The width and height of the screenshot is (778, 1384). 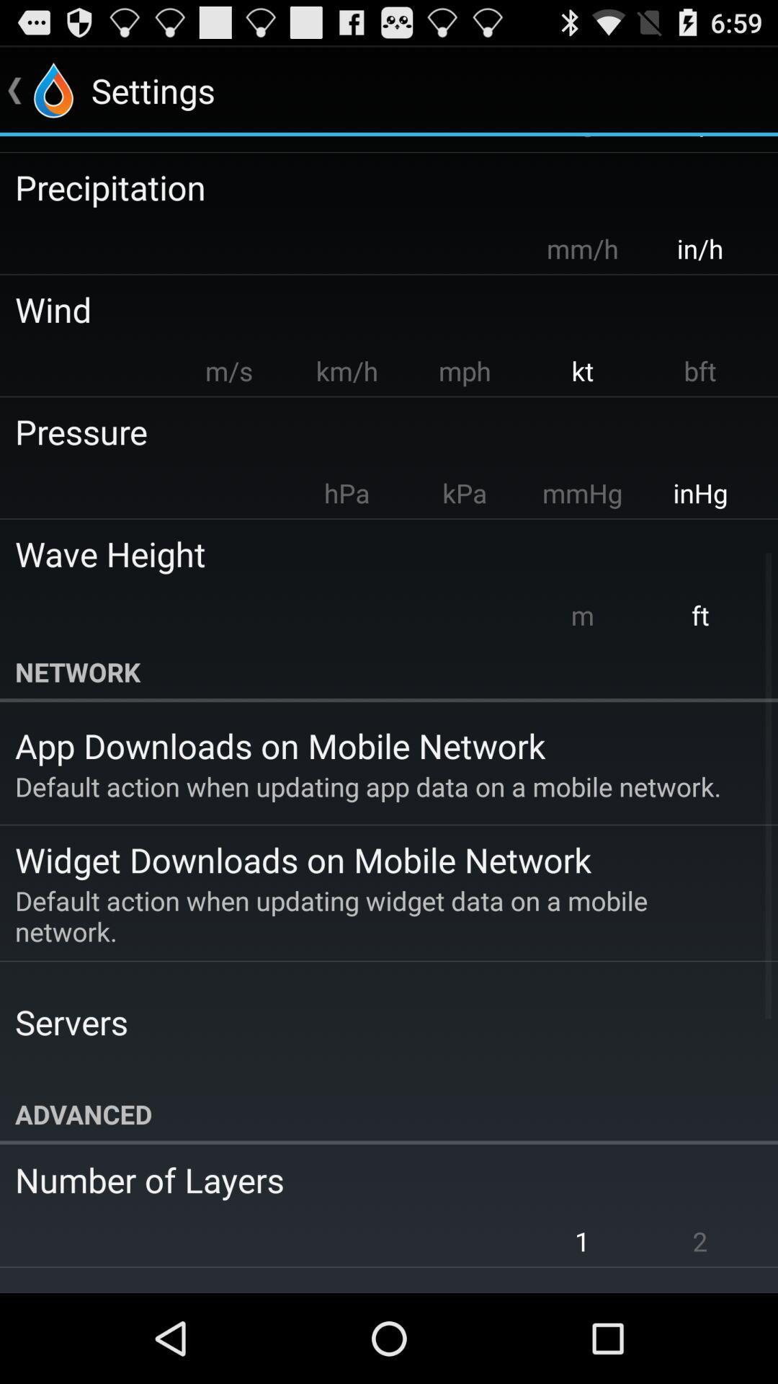 I want to click on the icon above pressure icon, so click(x=464, y=371).